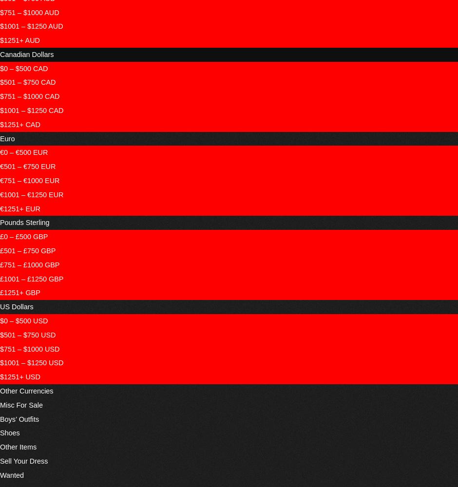  What do you see at coordinates (26, 391) in the screenshot?
I see `'Other Currencies'` at bounding box center [26, 391].